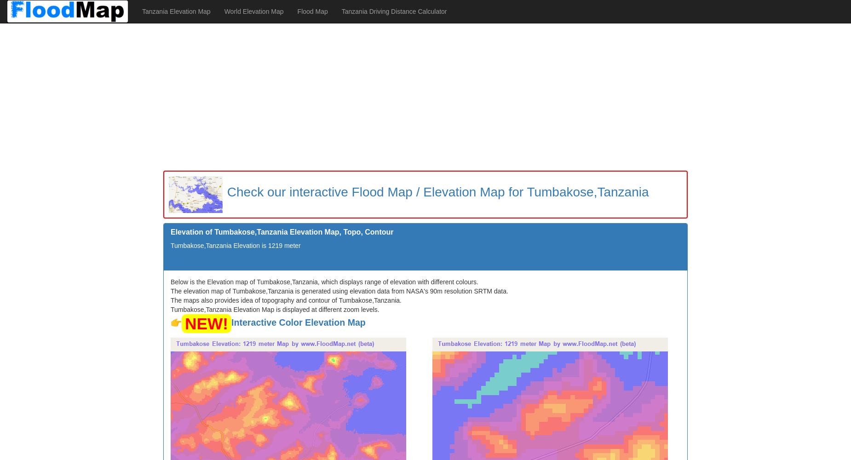  I want to click on 'Tanzania Elevation Map', so click(175, 11).